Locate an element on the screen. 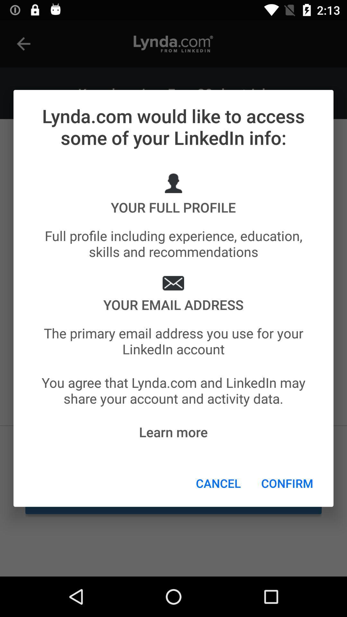 This screenshot has width=347, height=617. item below you agree that item is located at coordinates (287, 483).